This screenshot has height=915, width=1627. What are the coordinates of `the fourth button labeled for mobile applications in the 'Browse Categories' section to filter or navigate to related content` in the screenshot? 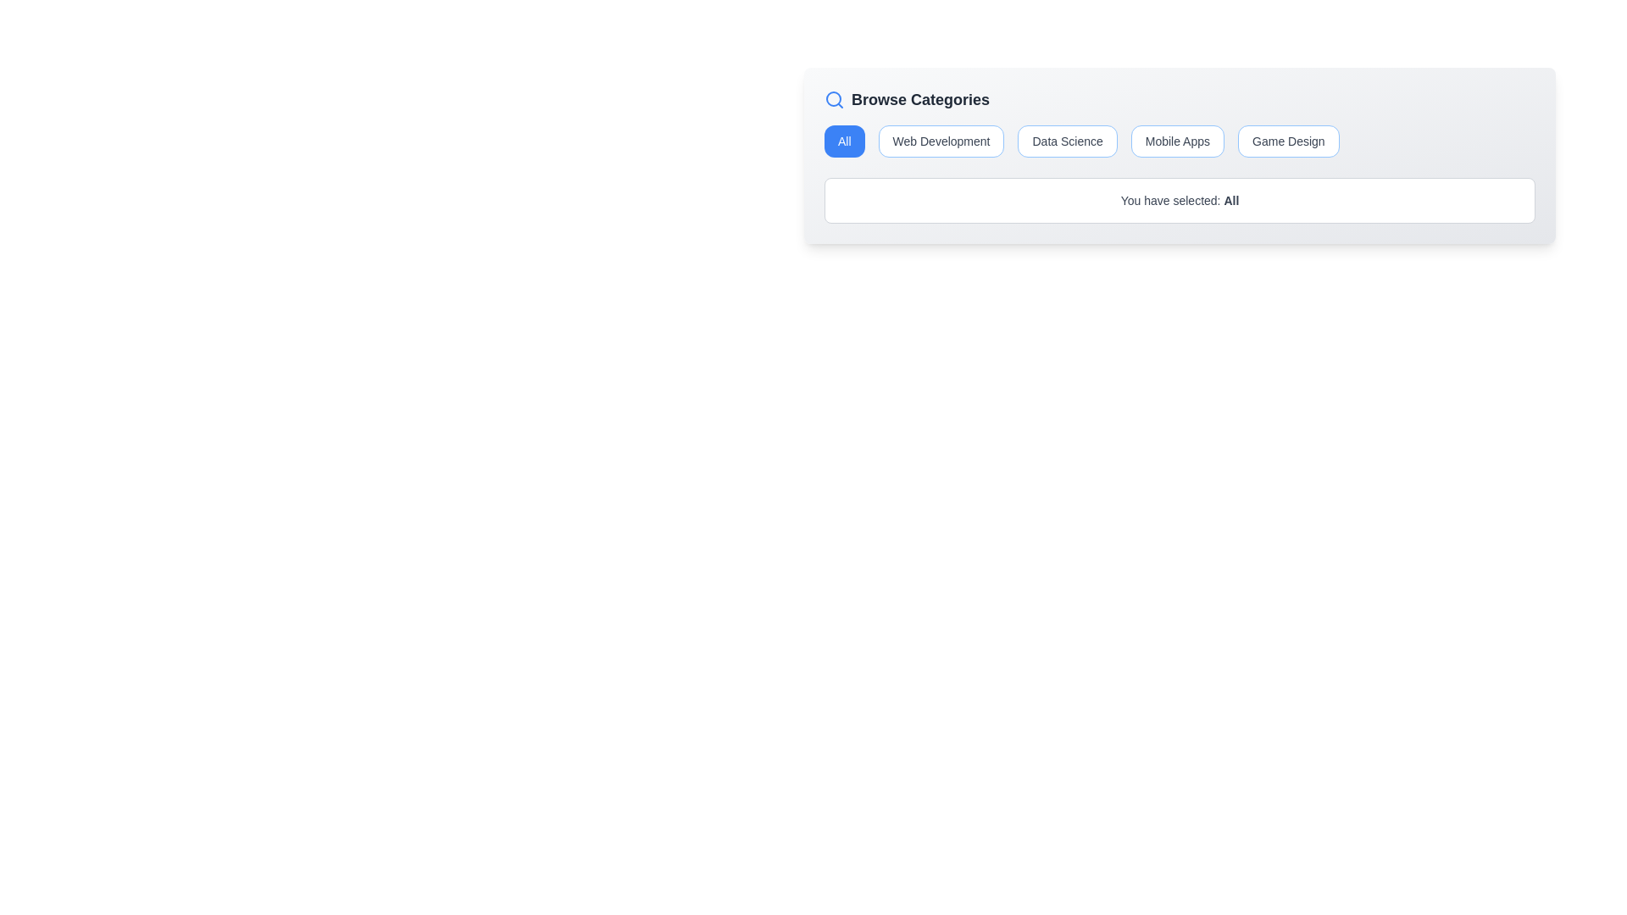 It's located at (1175, 140).